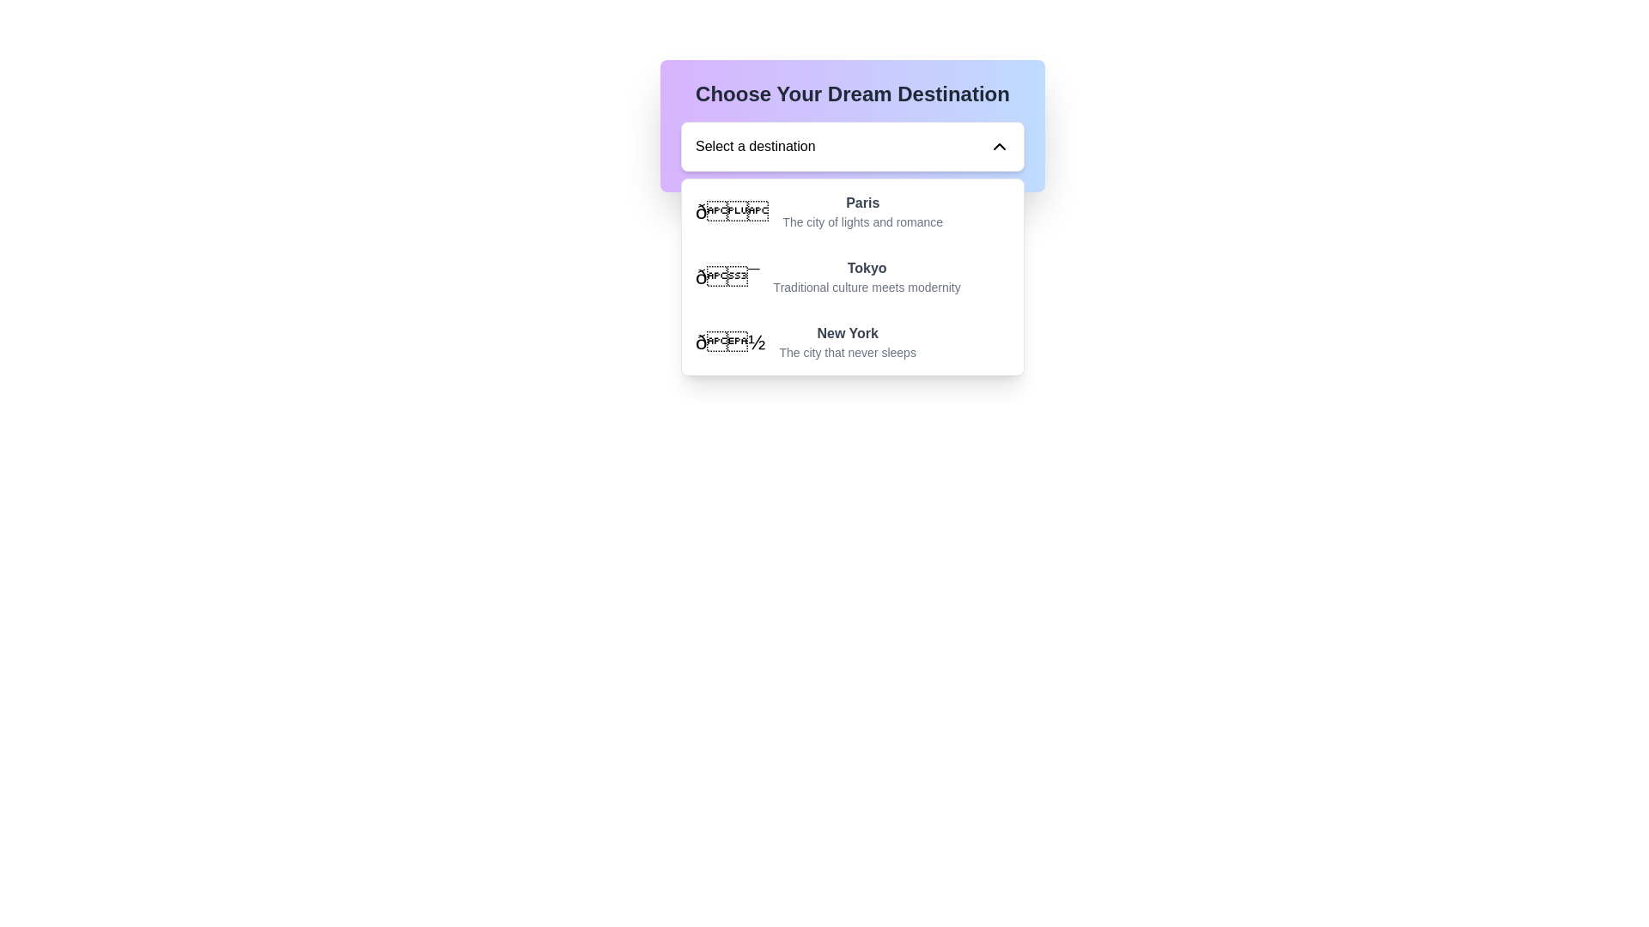  I want to click on to select the 'New York' option in the dropdown menu, which is the third entry styled with a bold city name and a description beneath it, so click(853, 342).